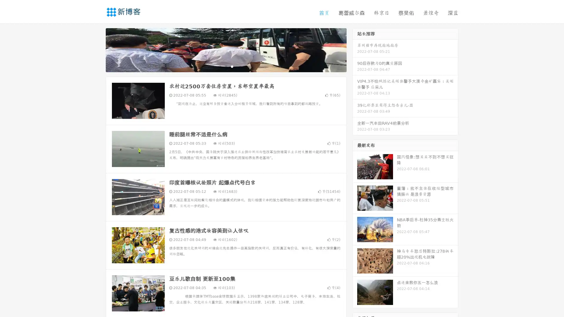  I want to click on Next slide, so click(355, 49).